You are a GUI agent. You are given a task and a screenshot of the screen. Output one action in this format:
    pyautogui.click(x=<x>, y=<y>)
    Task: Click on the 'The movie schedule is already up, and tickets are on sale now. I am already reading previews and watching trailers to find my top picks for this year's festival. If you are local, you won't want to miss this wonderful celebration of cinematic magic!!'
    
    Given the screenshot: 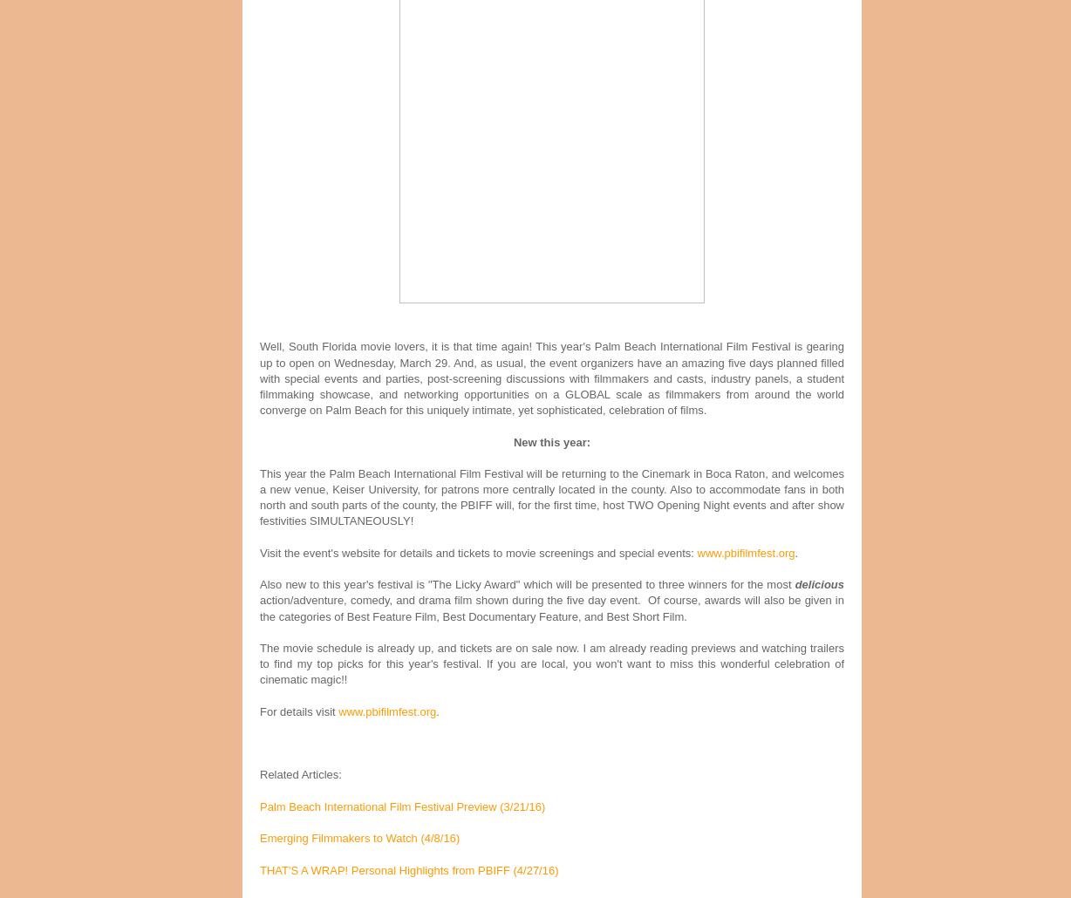 What is the action you would take?
    pyautogui.click(x=552, y=663)
    